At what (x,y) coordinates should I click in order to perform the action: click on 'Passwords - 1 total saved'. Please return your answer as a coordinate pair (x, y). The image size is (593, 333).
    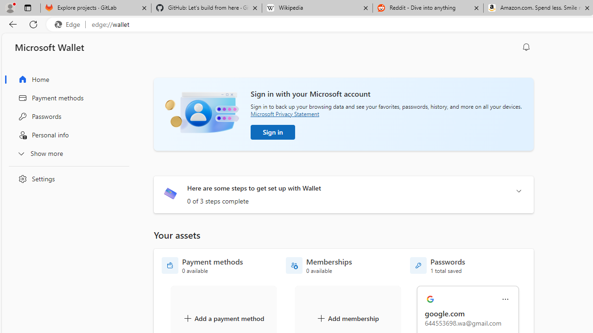
    Looking at the image, I should click on (437, 265).